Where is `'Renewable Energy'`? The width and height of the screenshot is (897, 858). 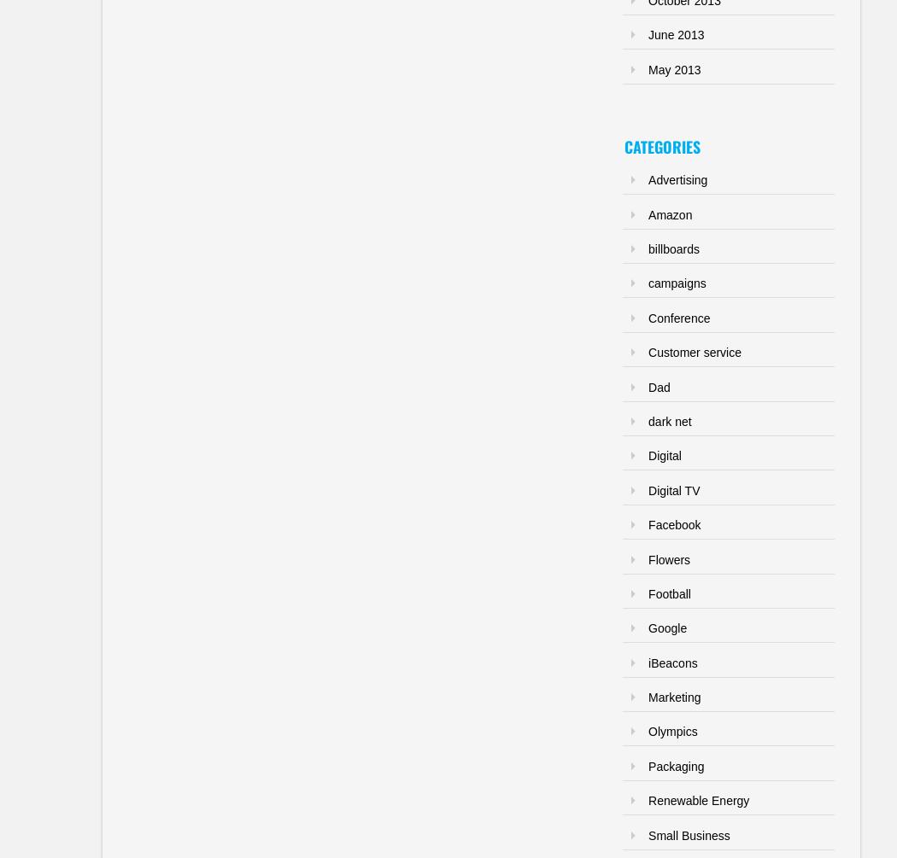 'Renewable Energy' is located at coordinates (697, 799).